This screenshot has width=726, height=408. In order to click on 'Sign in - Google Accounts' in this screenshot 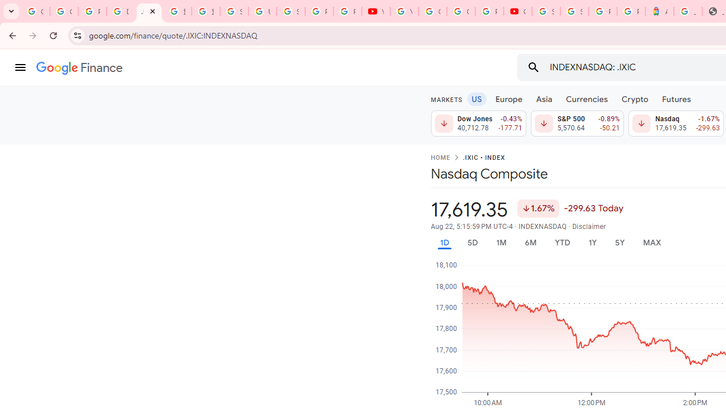, I will do `click(290, 11)`.